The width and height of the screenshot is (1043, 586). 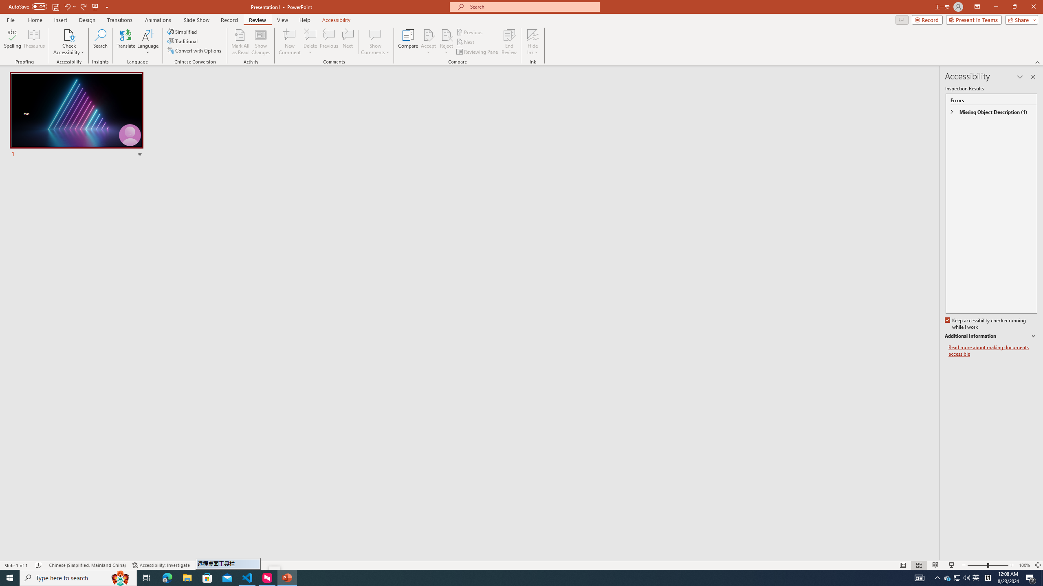 I want to click on 'New Comment', so click(x=289, y=42).